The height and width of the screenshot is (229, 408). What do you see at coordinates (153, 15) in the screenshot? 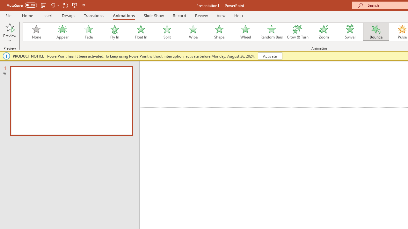
I see `'Slide Show'` at bounding box center [153, 15].